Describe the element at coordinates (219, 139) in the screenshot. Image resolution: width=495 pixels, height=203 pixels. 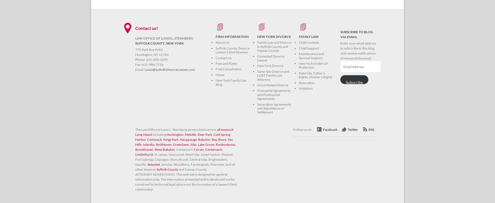
I see `'Bay Shore'` at that location.